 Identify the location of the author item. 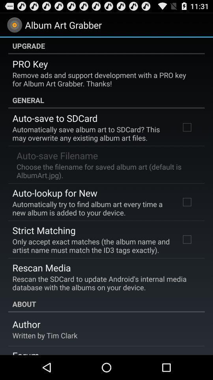
(26, 324).